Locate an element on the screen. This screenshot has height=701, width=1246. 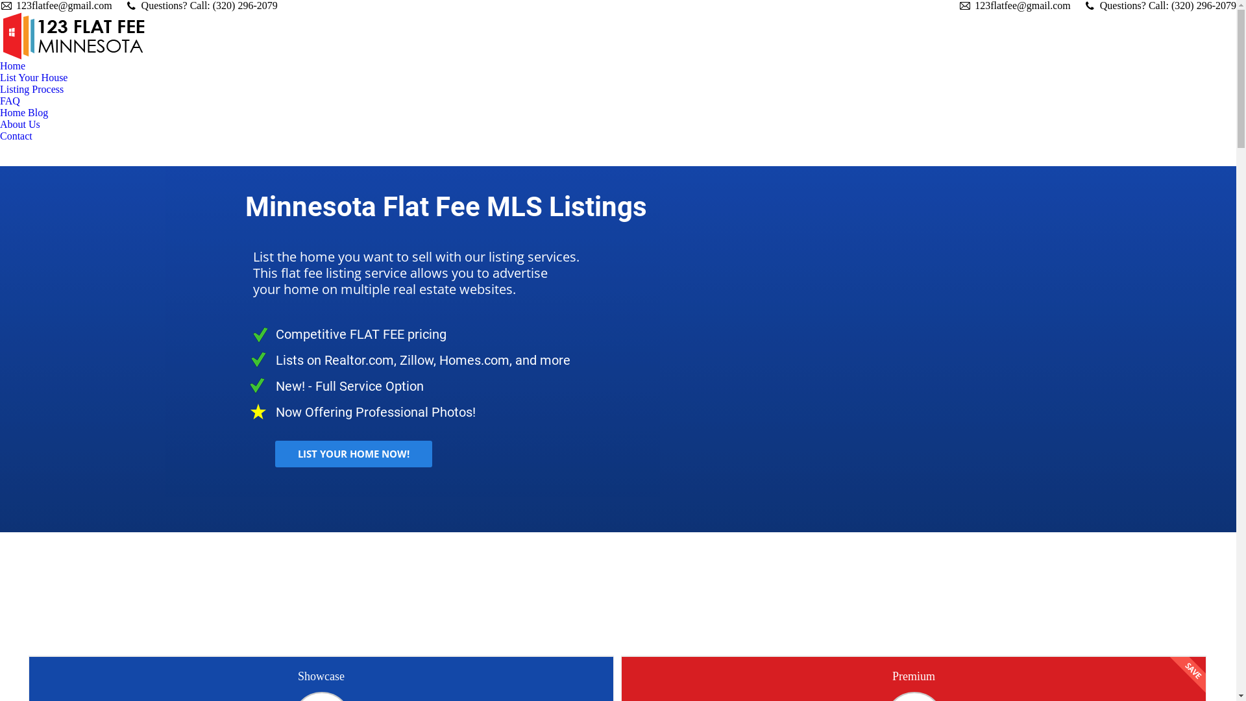
'List Your House' is located at coordinates (34, 77).